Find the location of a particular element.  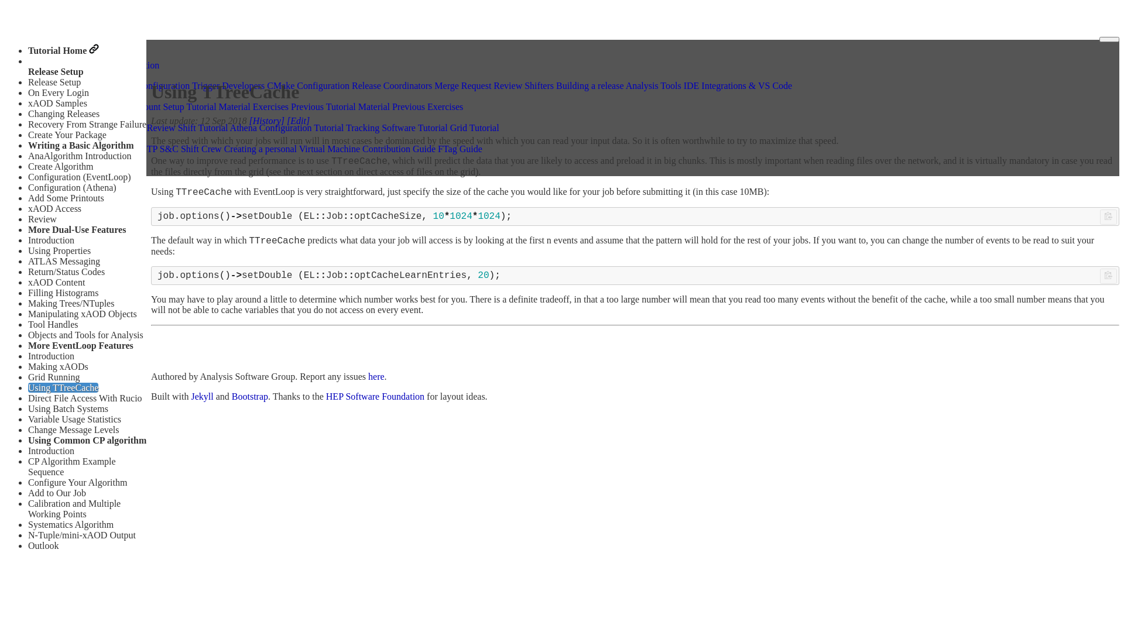

'Contribution Guide' is located at coordinates (399, 148).